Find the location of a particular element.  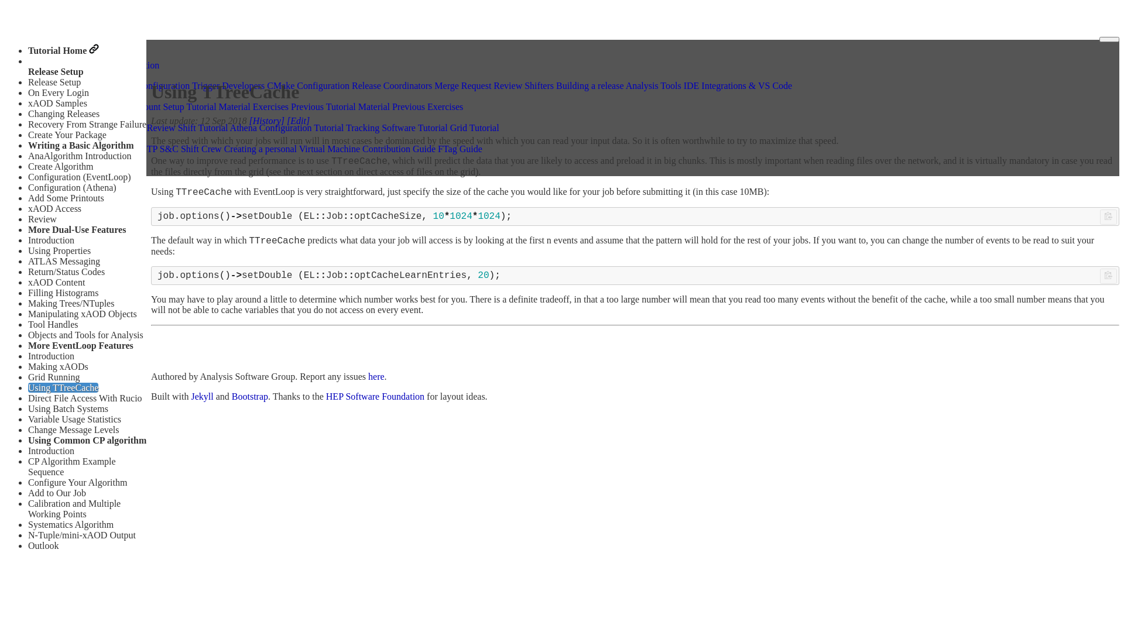

'Contribution Guide' is located at coordinates (399, 148).